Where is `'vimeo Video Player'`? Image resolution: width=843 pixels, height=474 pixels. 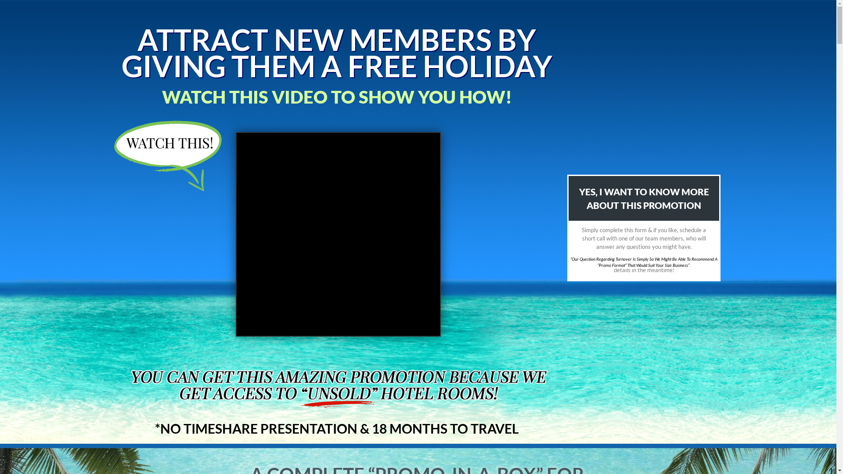
'vimeo Video Player' is located at coordinates (337, 233).